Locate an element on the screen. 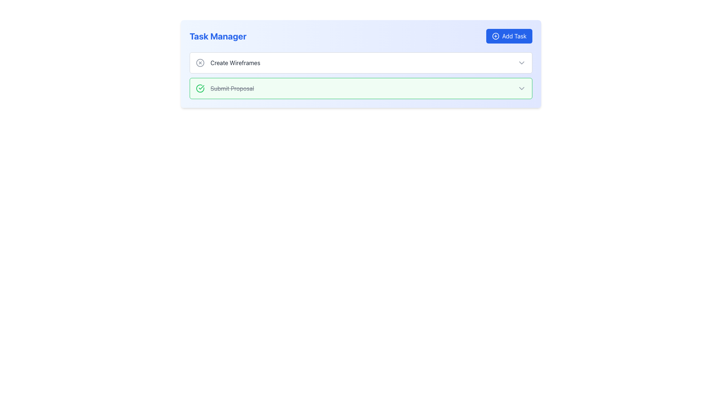  the gray circular graphic with a thin outline located inside the square icon for the 'Create Wireframes' task is located at coordinates (200, 63).